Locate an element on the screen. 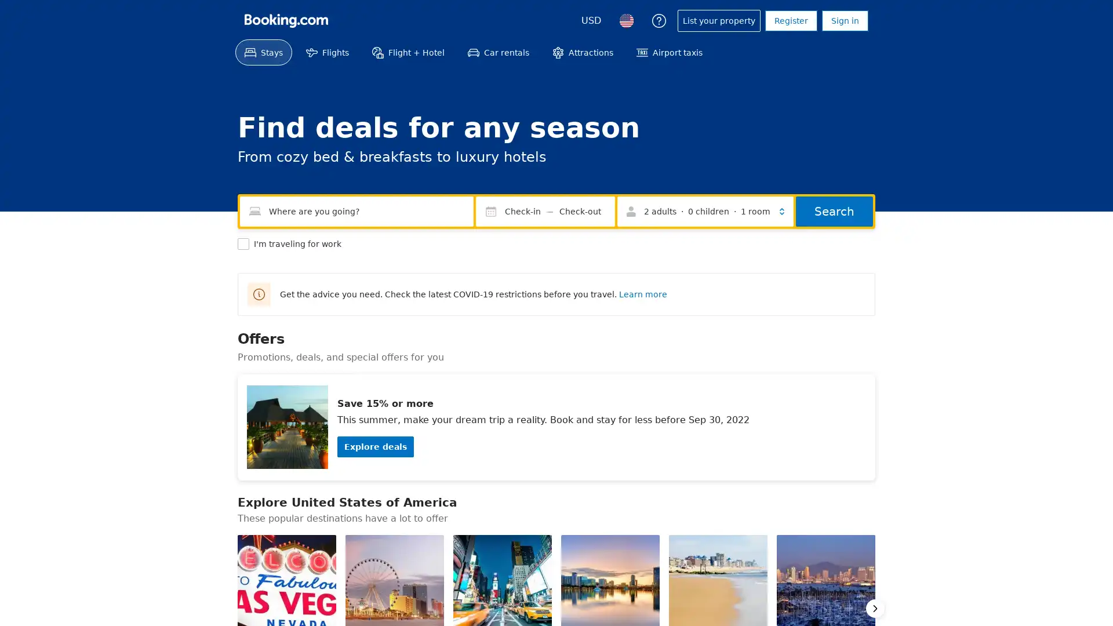  Next is located at coordinates (875, 607).